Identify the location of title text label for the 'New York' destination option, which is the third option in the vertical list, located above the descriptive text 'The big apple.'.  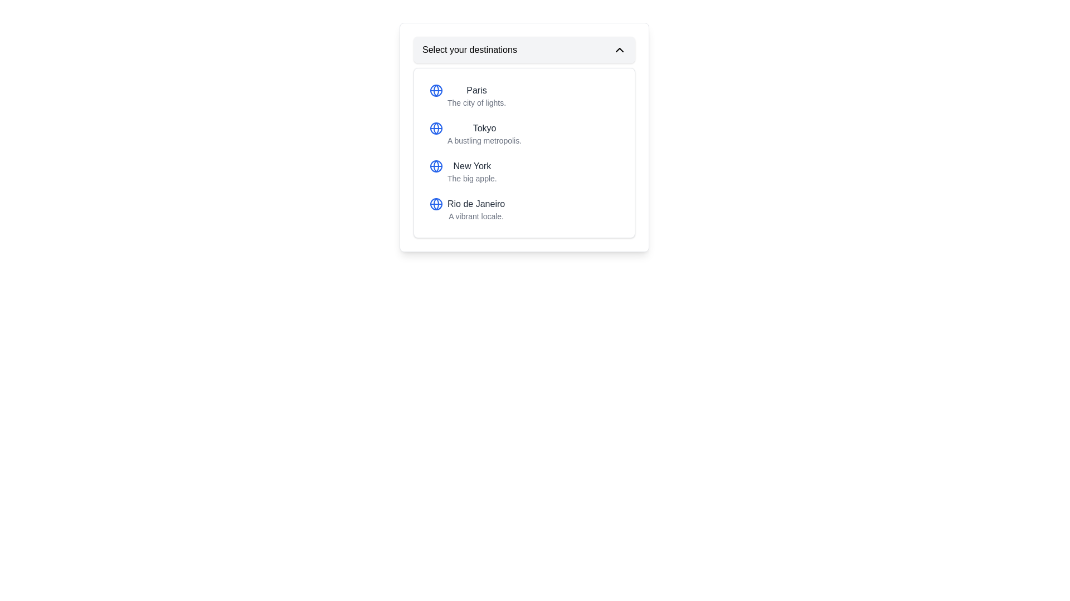
(472, 166).